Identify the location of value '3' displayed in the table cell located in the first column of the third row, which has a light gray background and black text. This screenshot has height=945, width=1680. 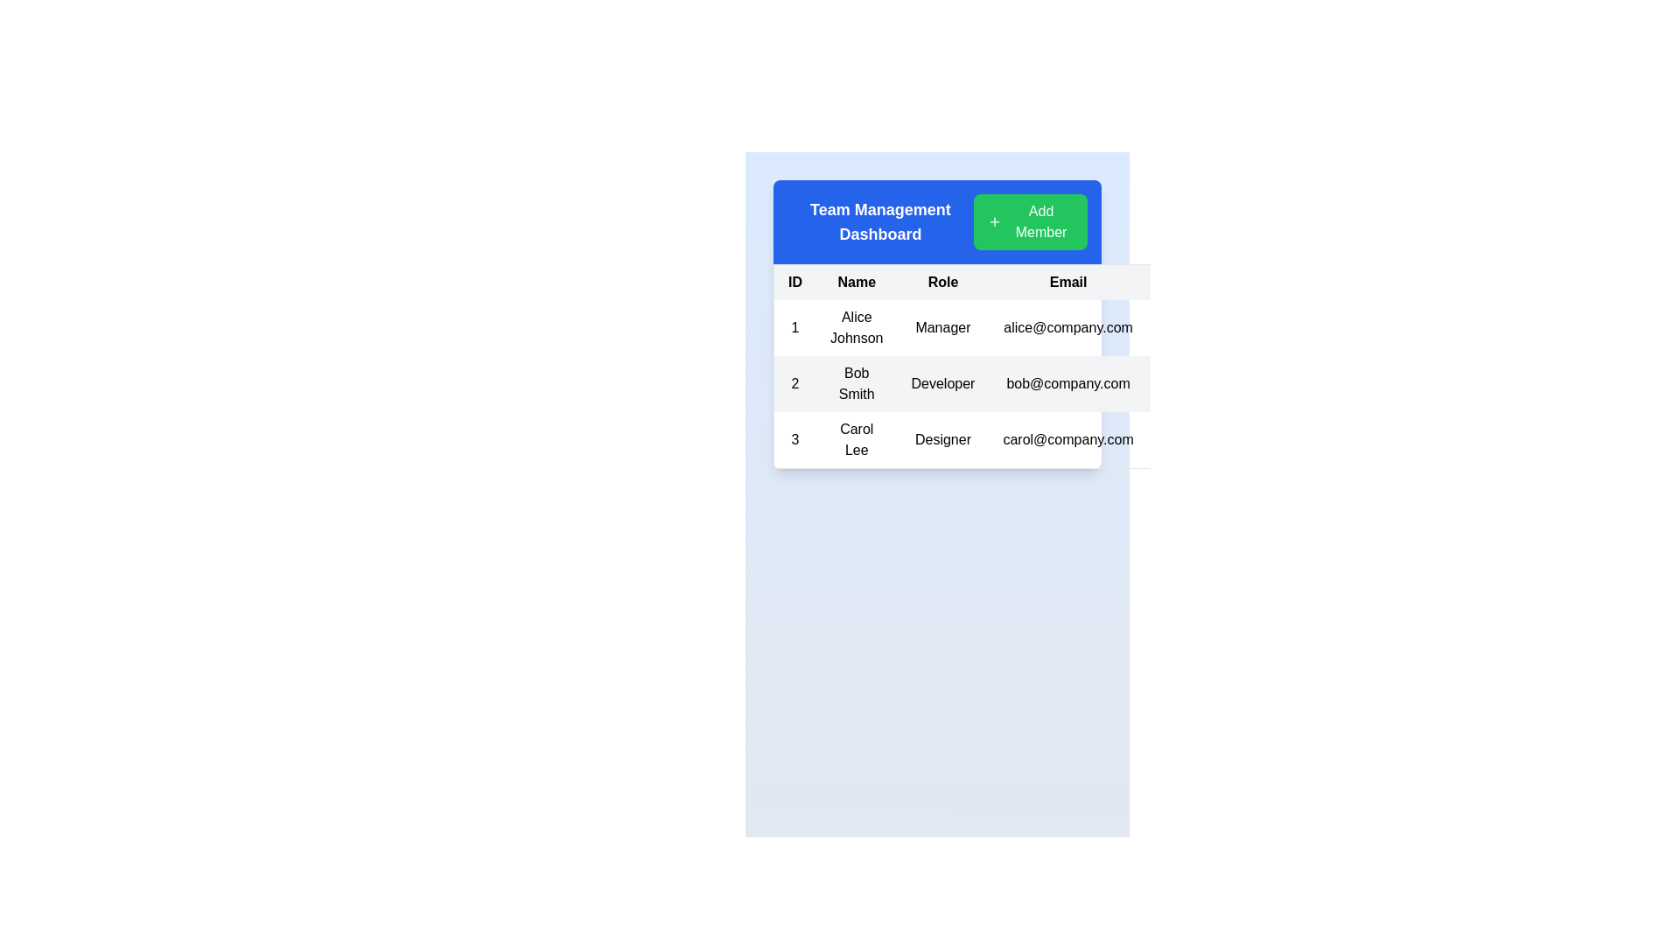
(794, 439).